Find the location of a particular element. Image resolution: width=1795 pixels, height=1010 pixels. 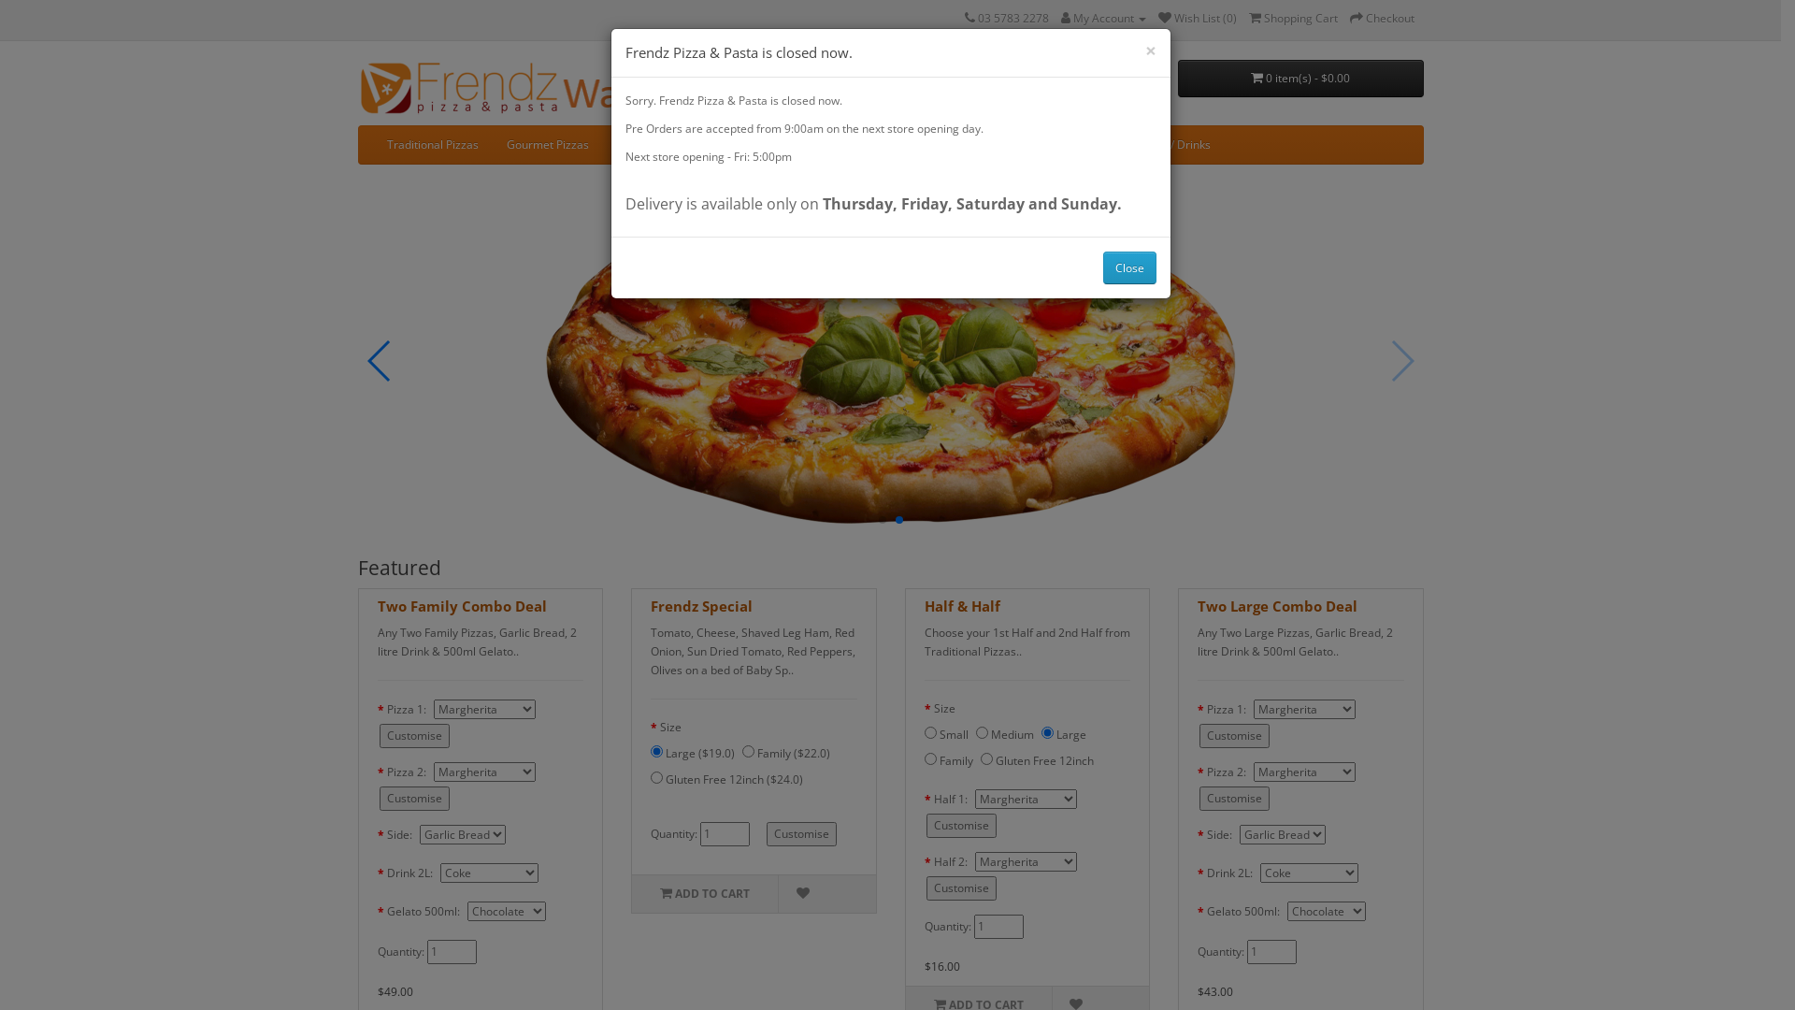

'Pasta' is located at coordinates (723, 143).